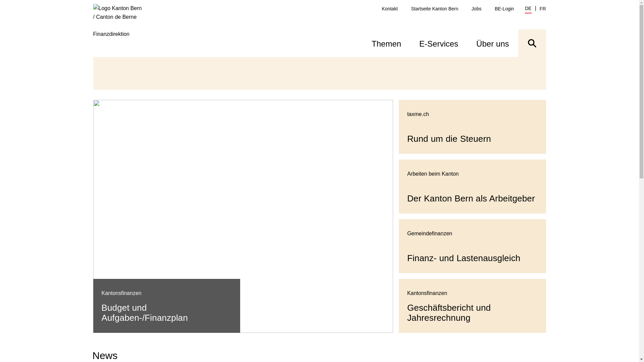 The width and height of the screenshot is (644, 362). I want to click on 'DE', so click(528, 9).